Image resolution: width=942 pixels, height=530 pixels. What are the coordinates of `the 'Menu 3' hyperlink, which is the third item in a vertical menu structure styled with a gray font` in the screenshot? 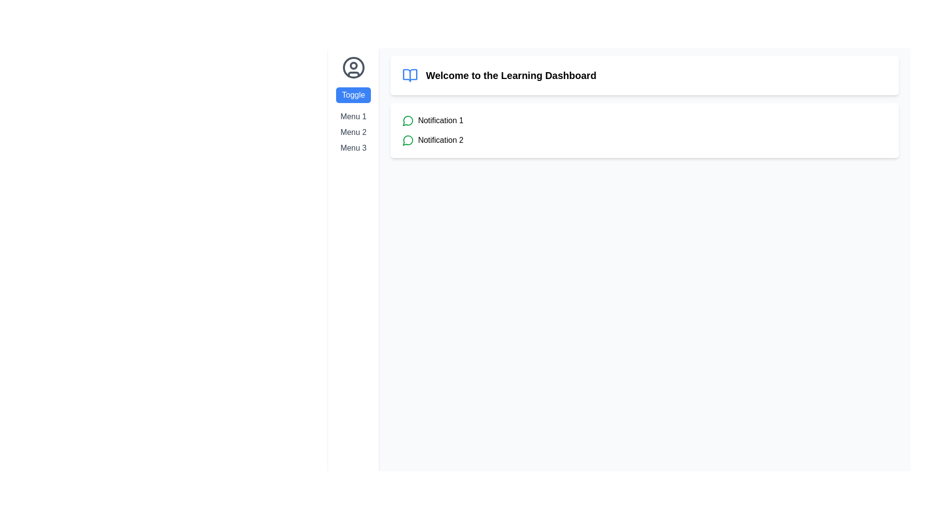 It's located at (353, 148).